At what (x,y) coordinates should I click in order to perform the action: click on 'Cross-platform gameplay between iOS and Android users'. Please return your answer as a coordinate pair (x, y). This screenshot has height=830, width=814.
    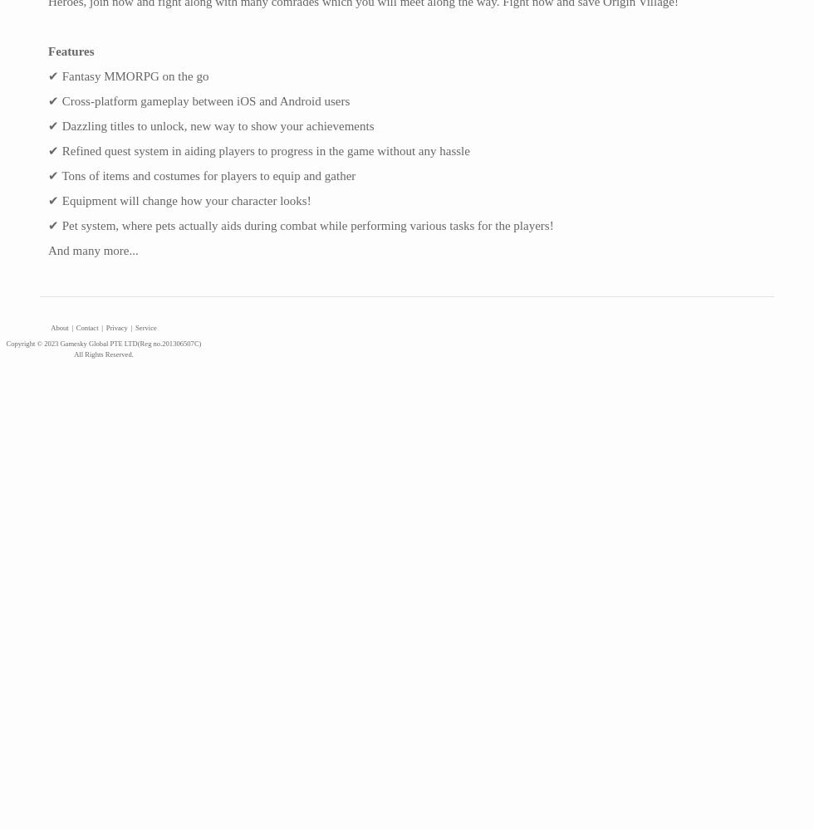
    Looking at the image, I should click on (58, 100).